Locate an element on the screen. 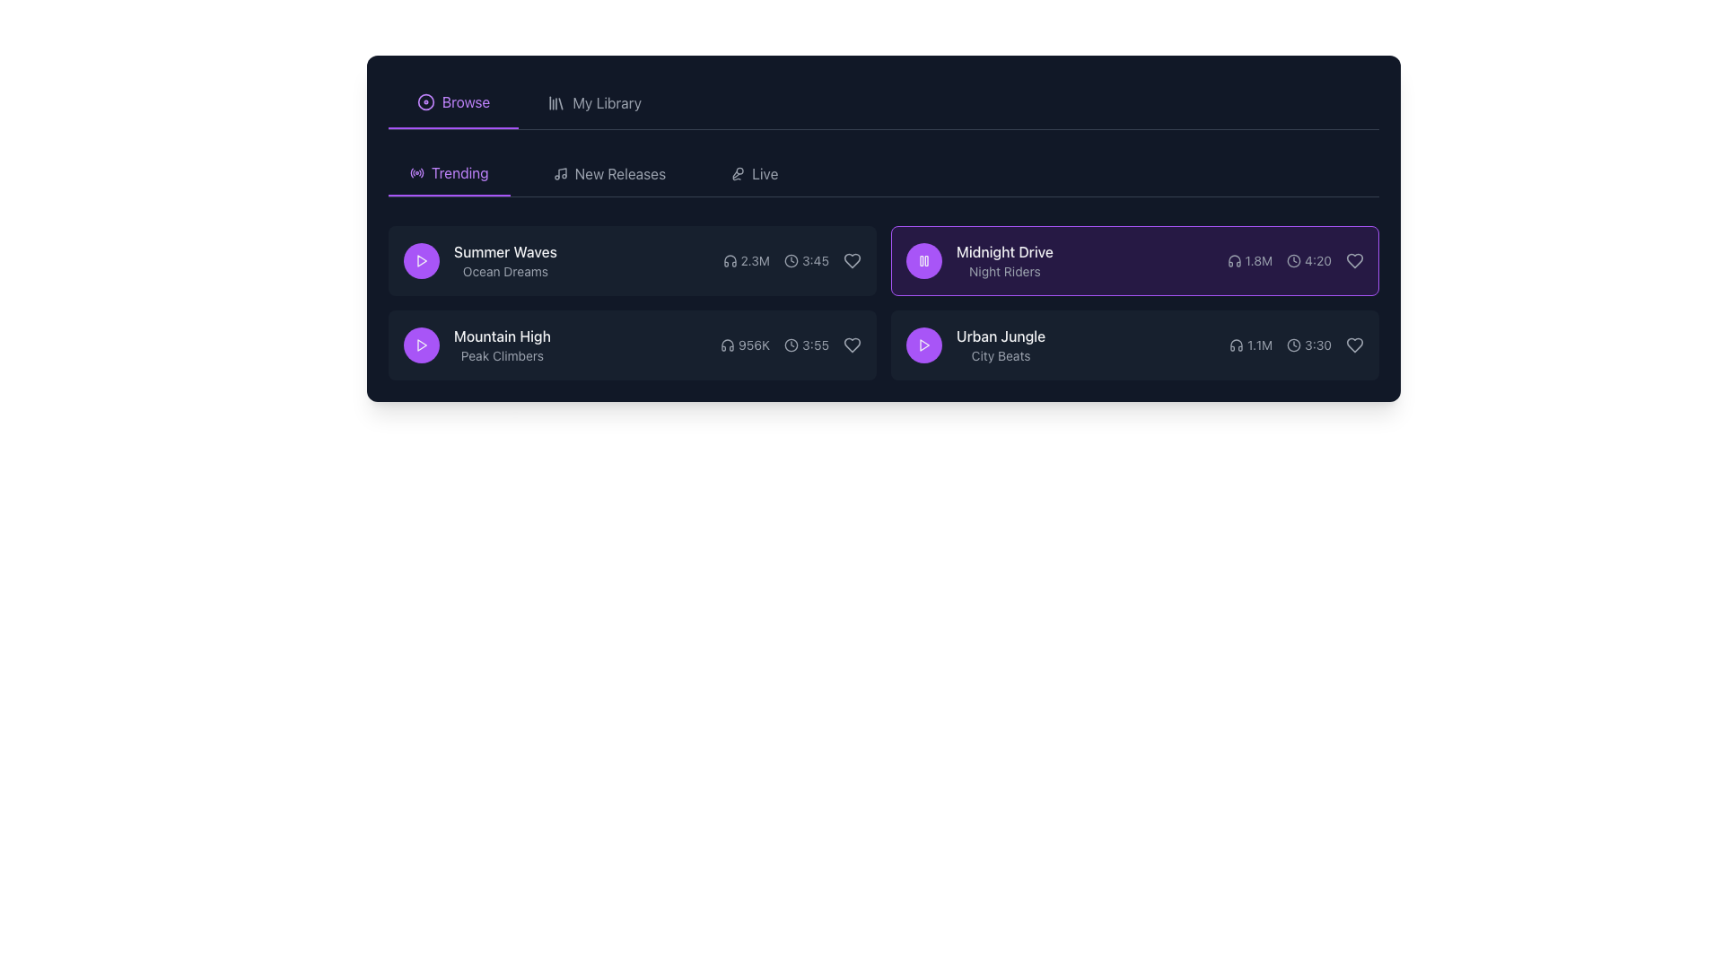 The image size is (1723, 969). the text displaying '3:55' with a clock icon, located towards the right end of the track details for 'Mountain High' by 'Peak Climbers' is located at coordinates (806, 345).